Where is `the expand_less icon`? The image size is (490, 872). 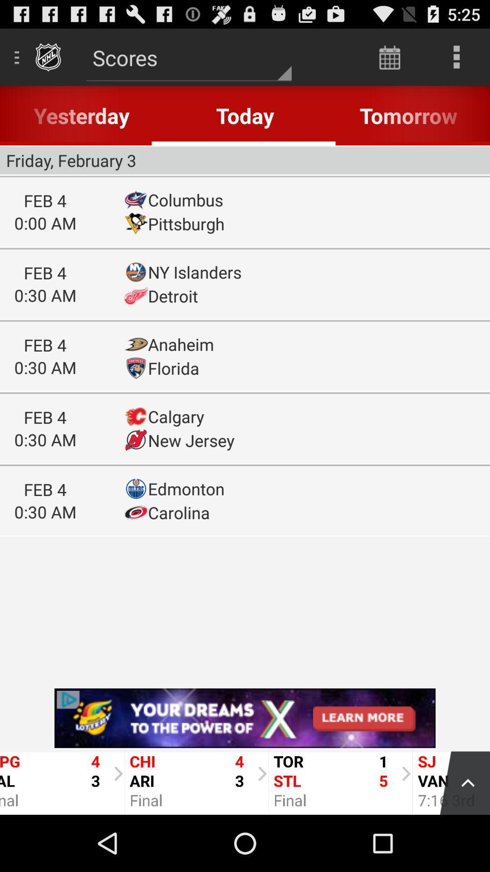 the expand_less icon is located at coordinates (460, 836).